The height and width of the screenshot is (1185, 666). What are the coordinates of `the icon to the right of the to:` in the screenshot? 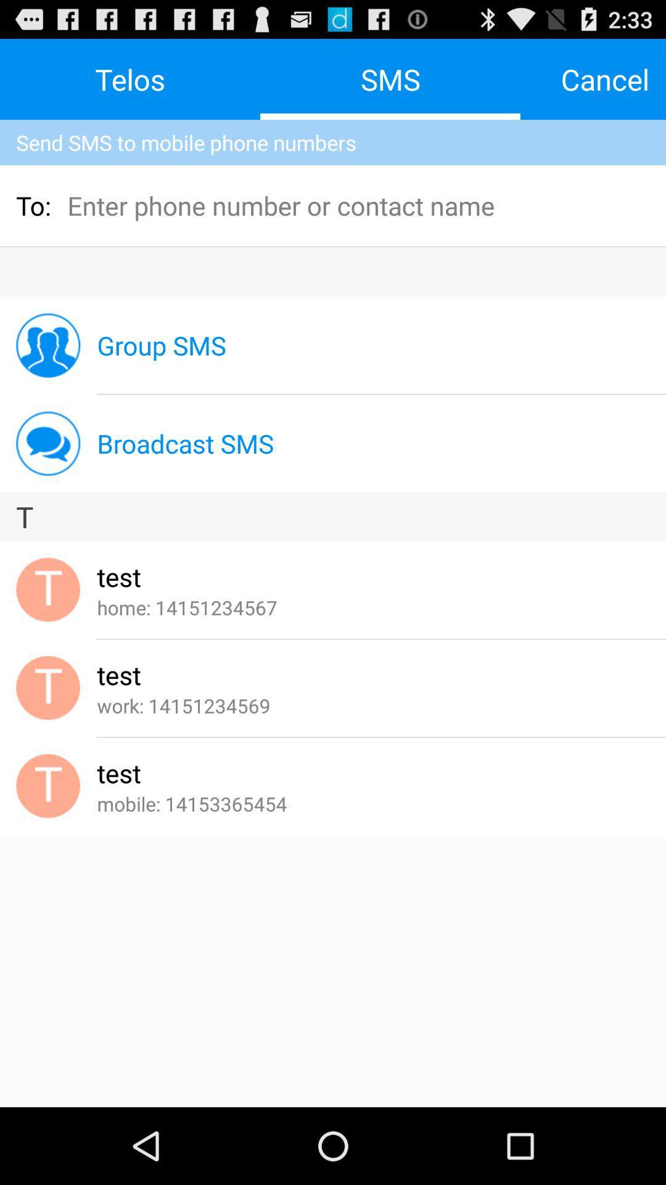 It's located at (149, 205).